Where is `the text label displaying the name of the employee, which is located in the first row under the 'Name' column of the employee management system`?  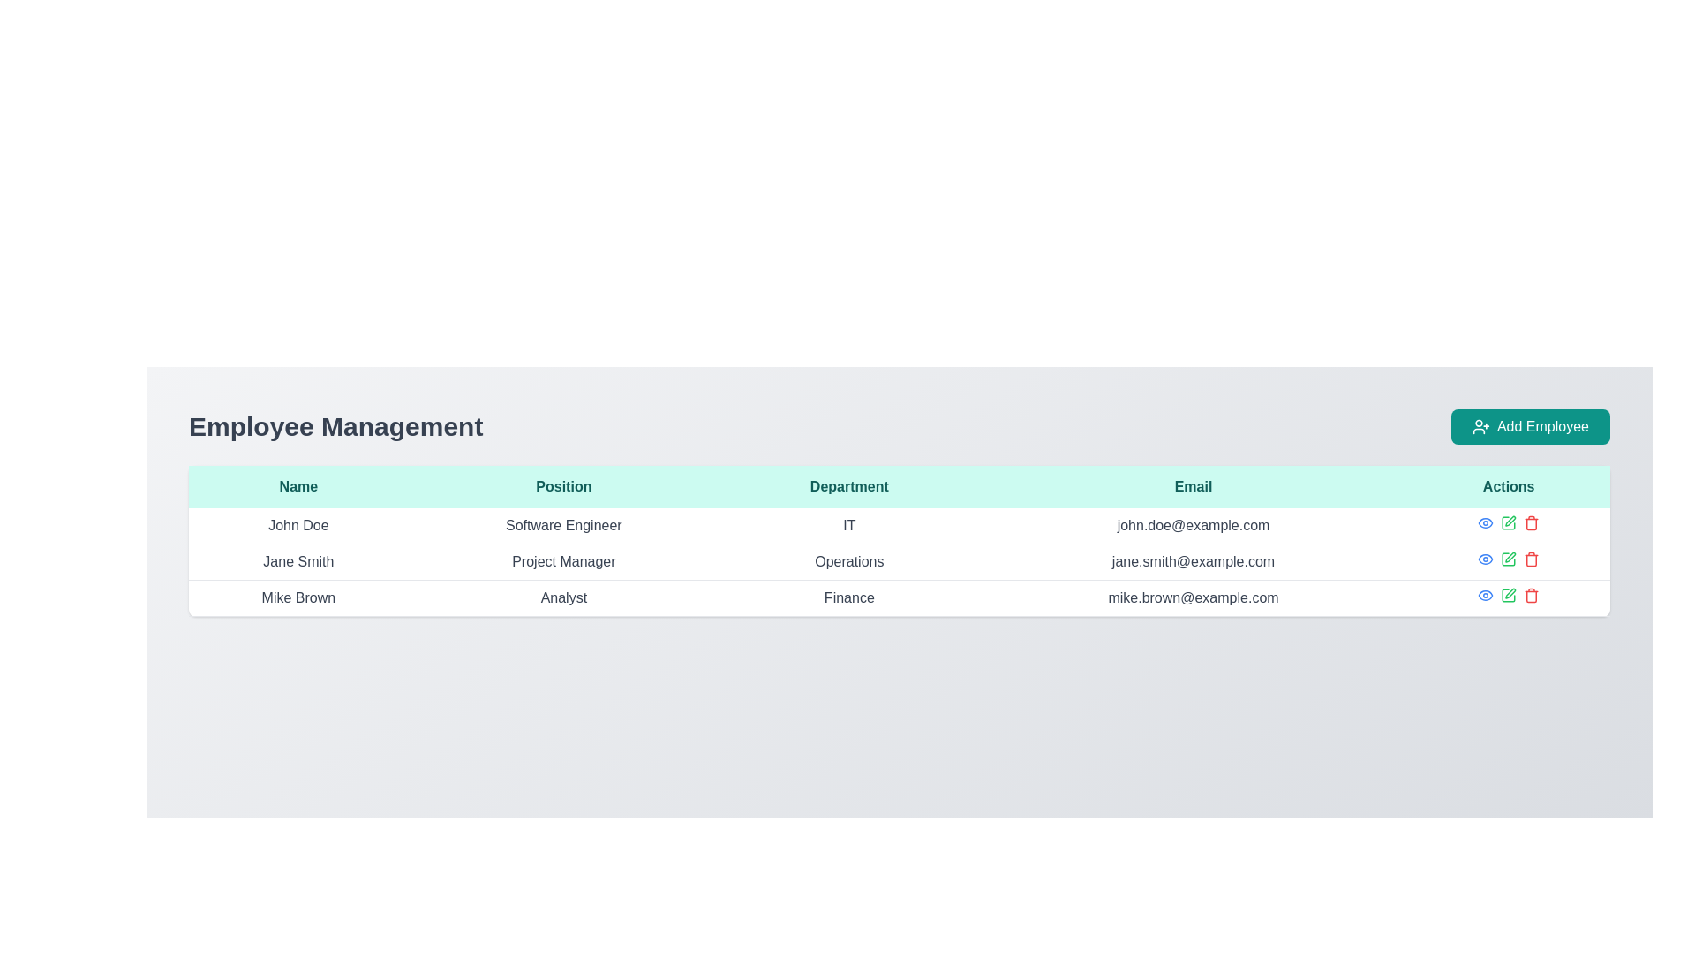
the text label displaying the name of the employee, which is located in the first row under the 'Name' column of the employee management system is located at coordinates (298, 525).